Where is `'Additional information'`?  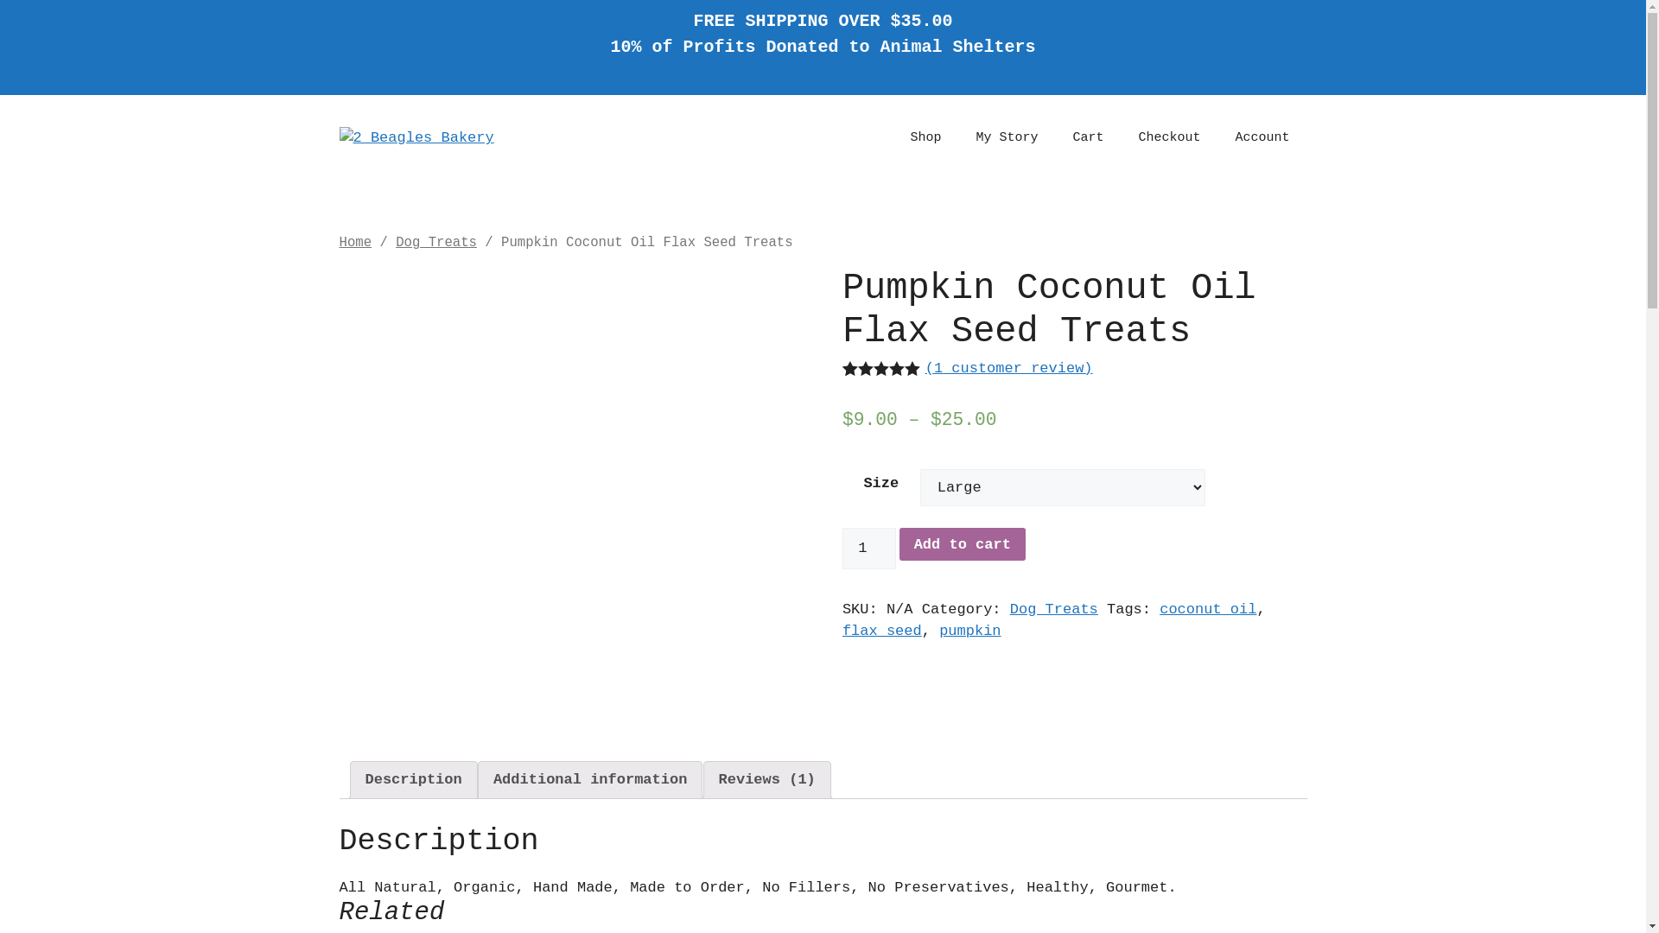 'Additional information' is located at coordinates (589, 780).